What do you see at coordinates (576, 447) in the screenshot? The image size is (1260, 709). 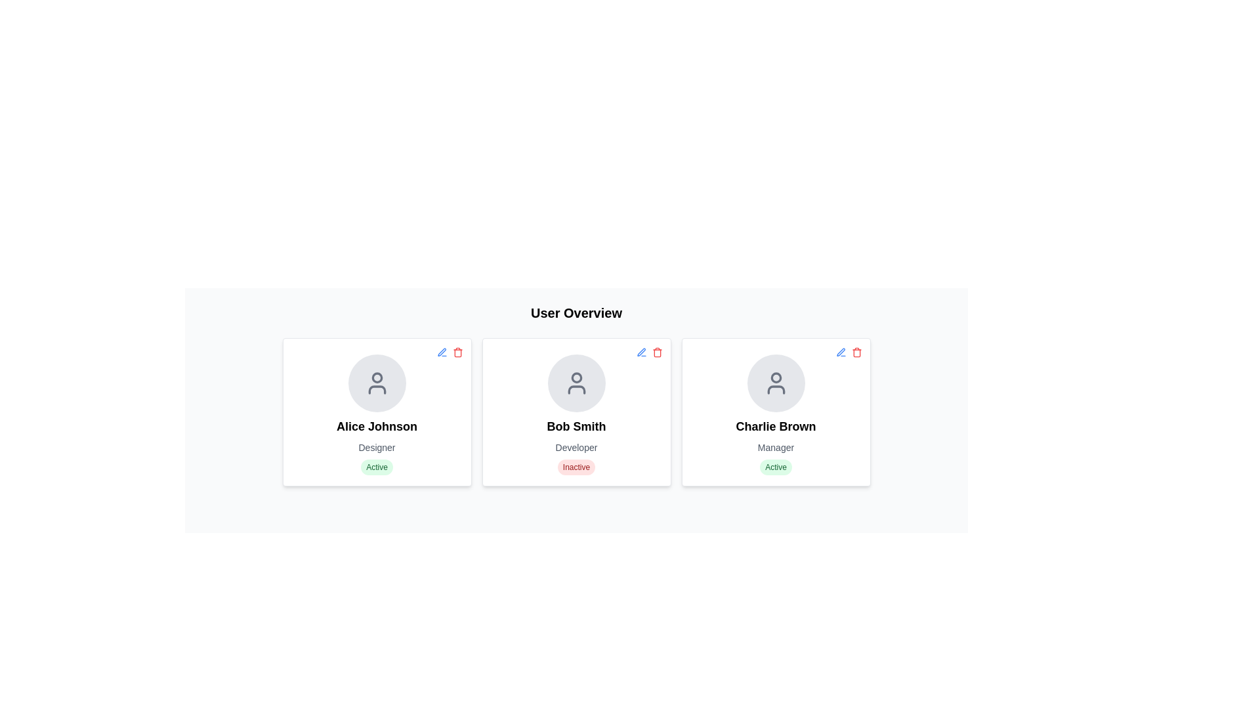 I see `the text element displaying 'Developer', which is positioned below the name 'Bob Smith' in a card-like layout` at bounding box center [576, 447].